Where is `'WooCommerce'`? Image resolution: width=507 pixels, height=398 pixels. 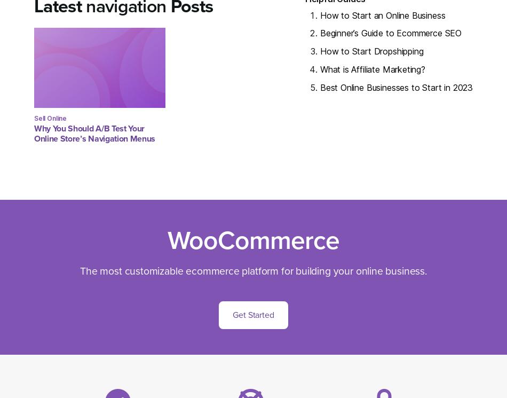 'WooCommerce' is located at coordinates (253, 240).